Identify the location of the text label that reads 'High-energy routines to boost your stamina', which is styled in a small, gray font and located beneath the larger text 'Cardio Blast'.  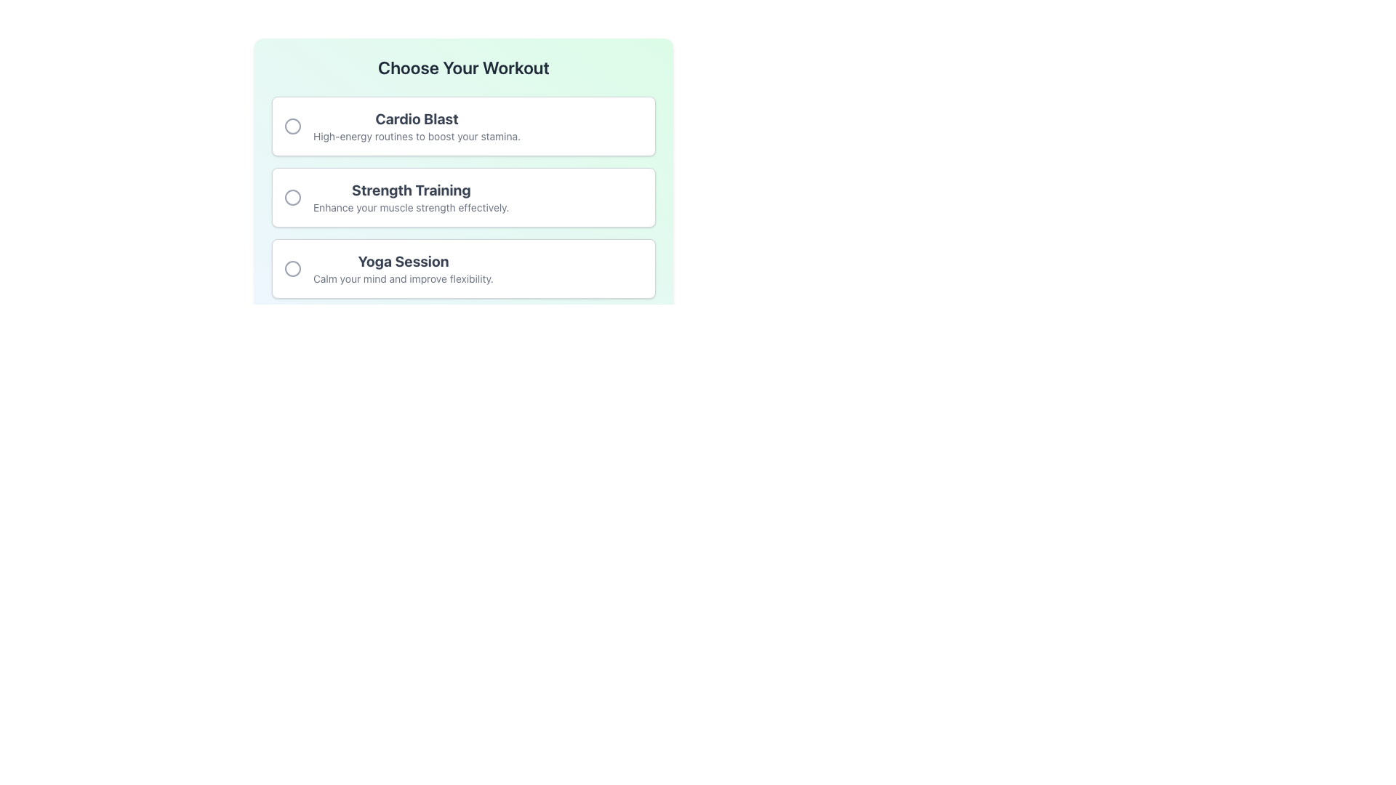
(416, 137).